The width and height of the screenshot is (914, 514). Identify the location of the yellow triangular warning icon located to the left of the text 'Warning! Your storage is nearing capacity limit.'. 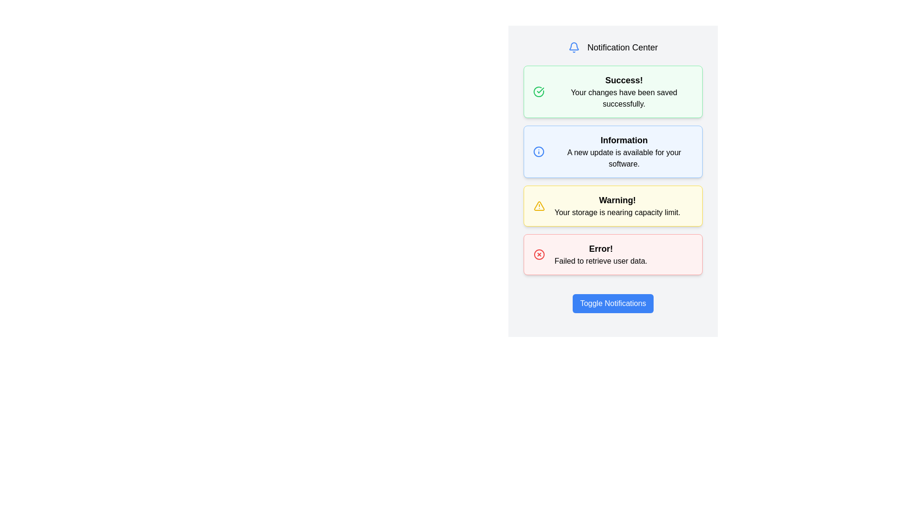
(539, 205).